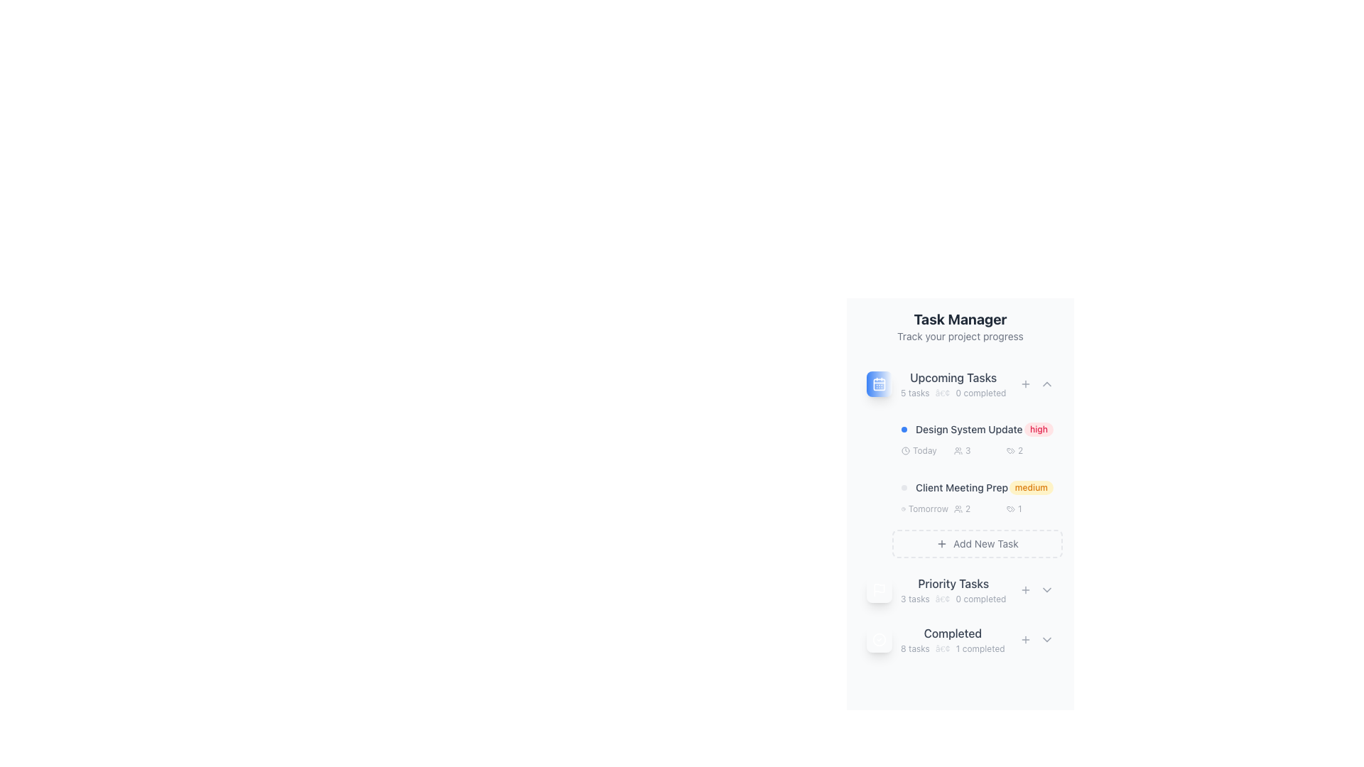 The height and width of the screenshot is (767, 1364). What do you see at coordinates (1026, 640) in the screenshot?
I see `the button located to the right of the 'Completed' text to initiate an add task action within the task manager` at bounding box center [1026, 640].